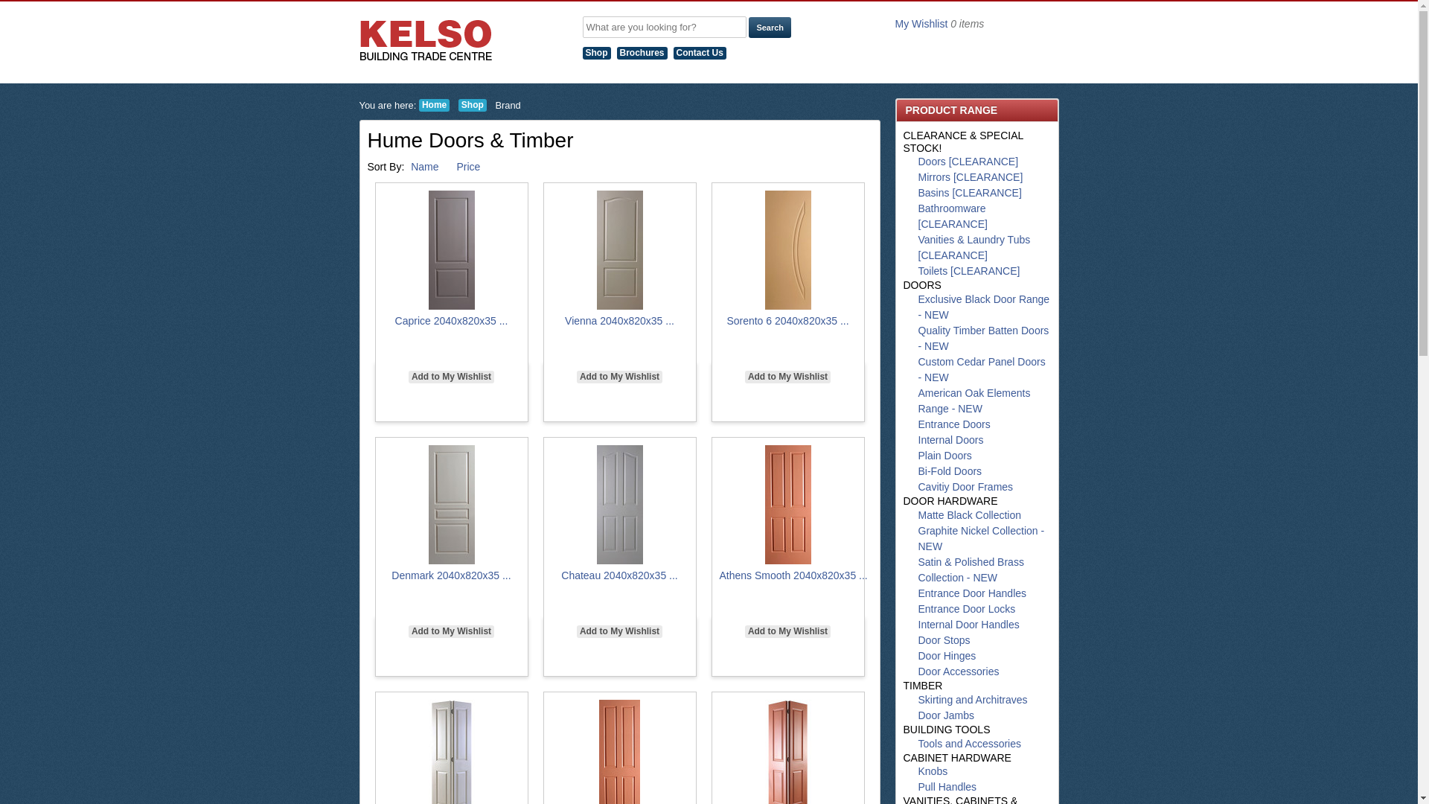  What do you see at coordinates (982, 538) in the screenshot?
I see `'Graphite Nickel Collection - NEW'` at bounding box center [982, 538].